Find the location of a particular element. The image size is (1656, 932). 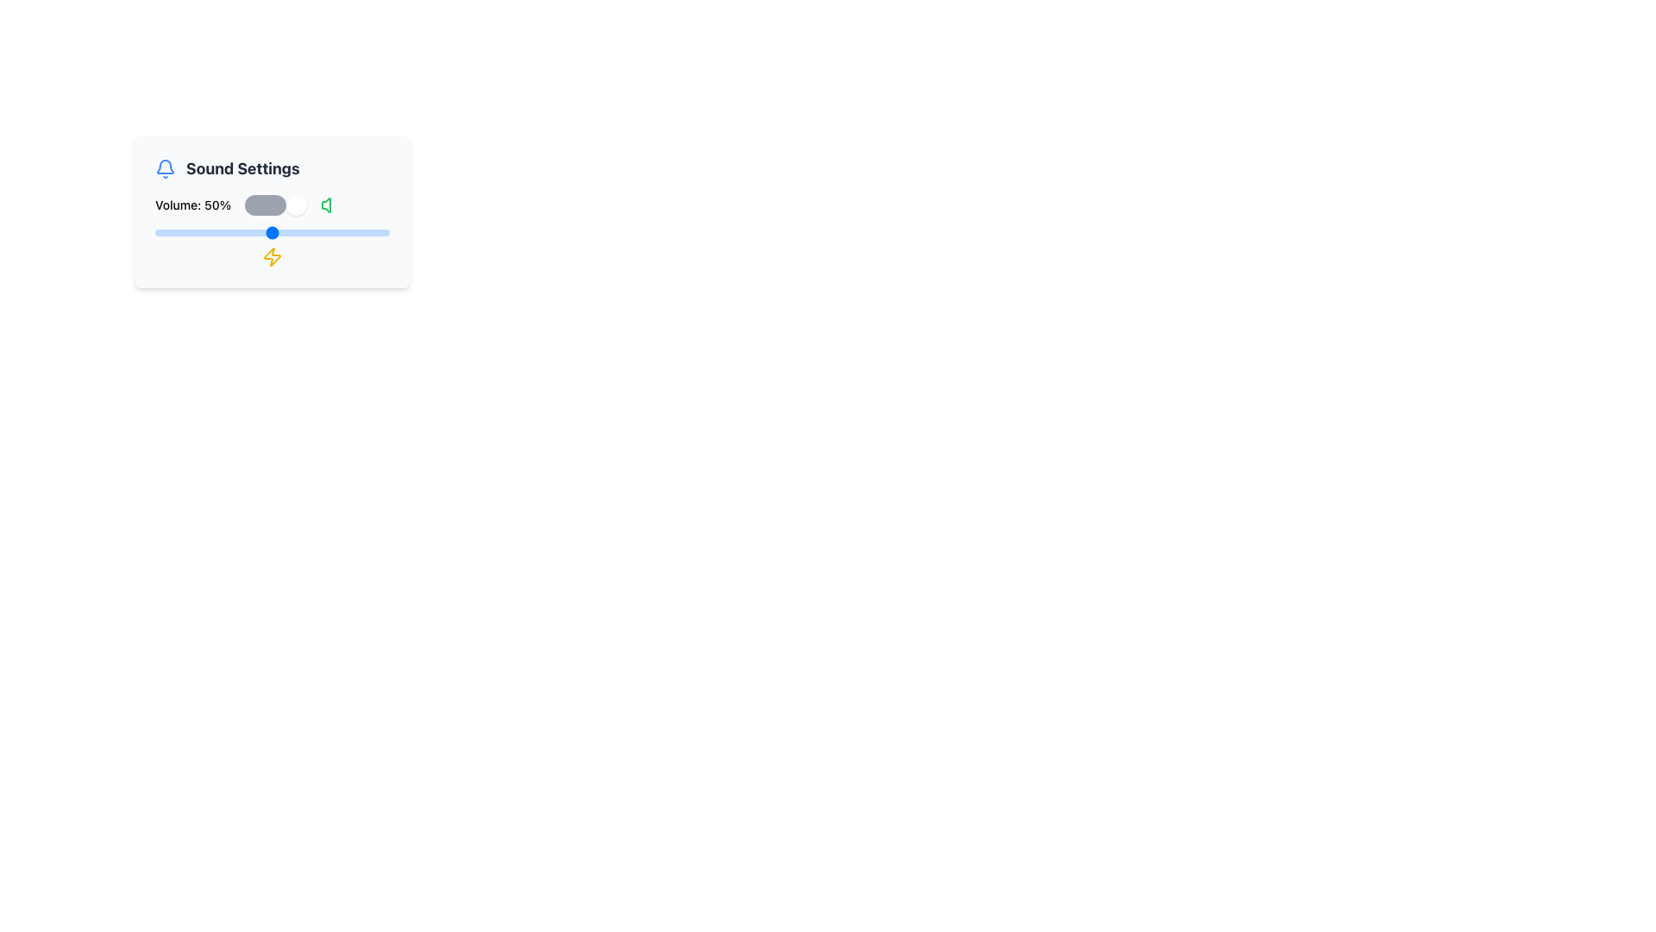

text 'Sound Settings' located in the Header with a blue notification bell icon at the top of the card component is located at coordinates (272, 169).